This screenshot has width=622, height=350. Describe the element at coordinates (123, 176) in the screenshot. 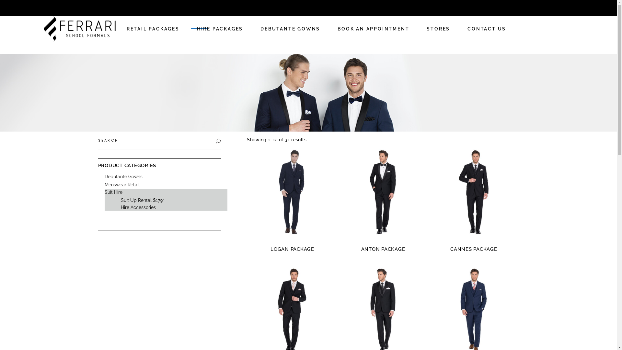

I see `'Debutante Gowns'` at that location.